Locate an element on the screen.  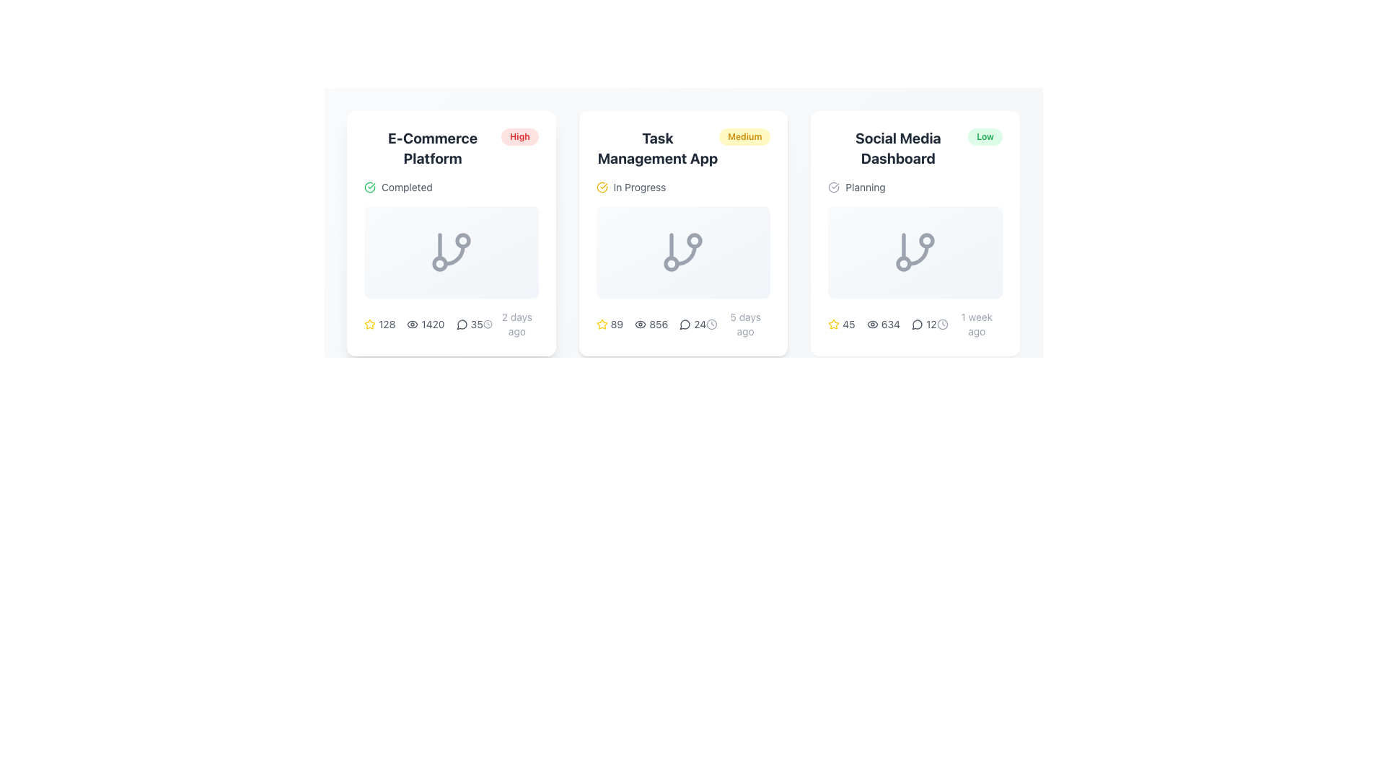
the number '856' displayed next to the eye icon in the bottom segment of the second card in the Task Management App is located at coordinates (651, 325).